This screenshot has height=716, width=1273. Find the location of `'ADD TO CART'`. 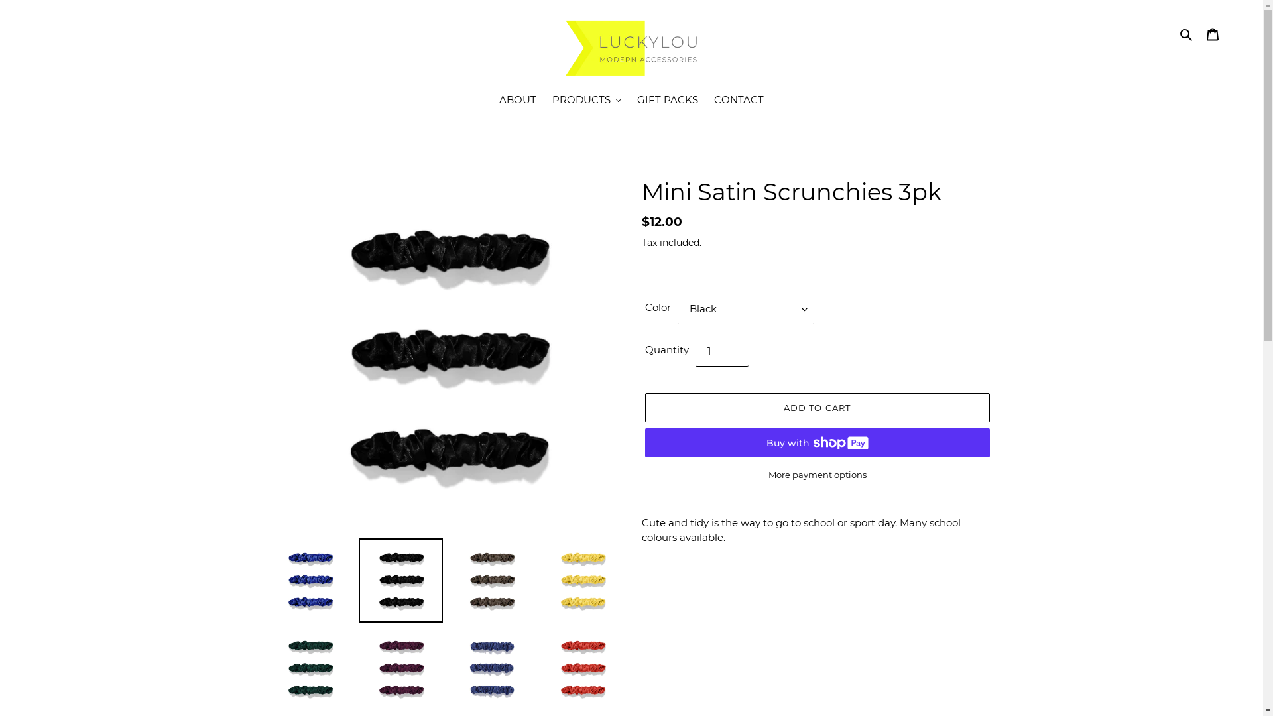

'ADD TO CART' is located at coordinates (816, 406).